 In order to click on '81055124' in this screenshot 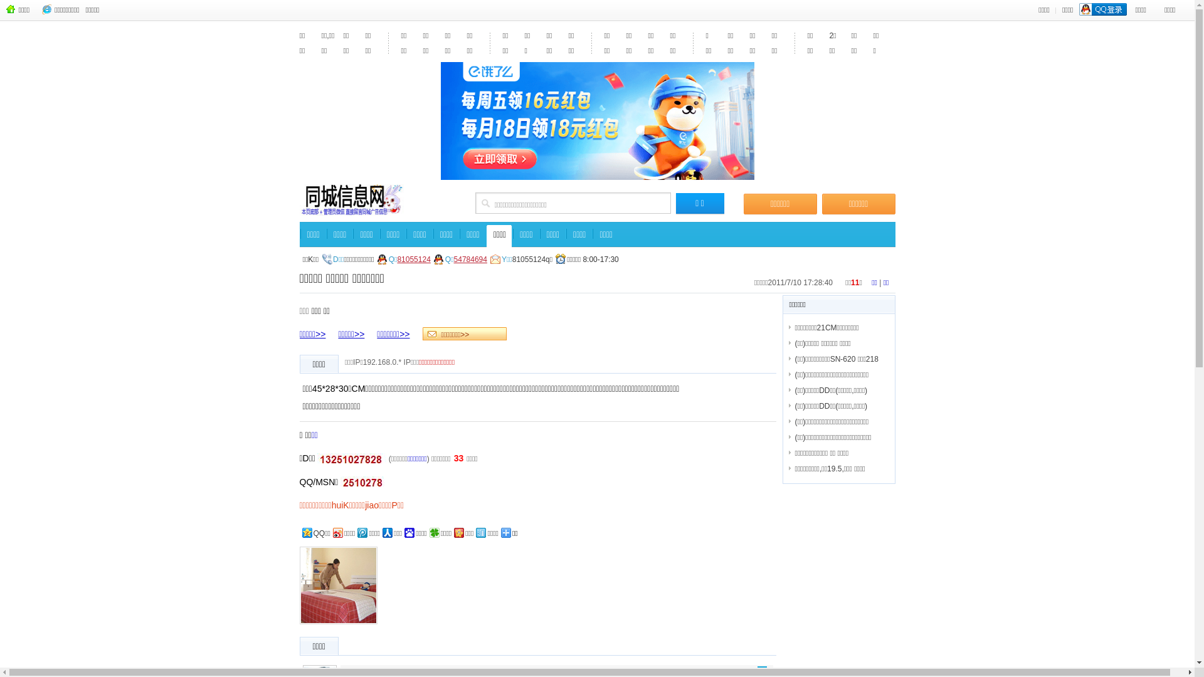, I will do `click(413, 258)`.